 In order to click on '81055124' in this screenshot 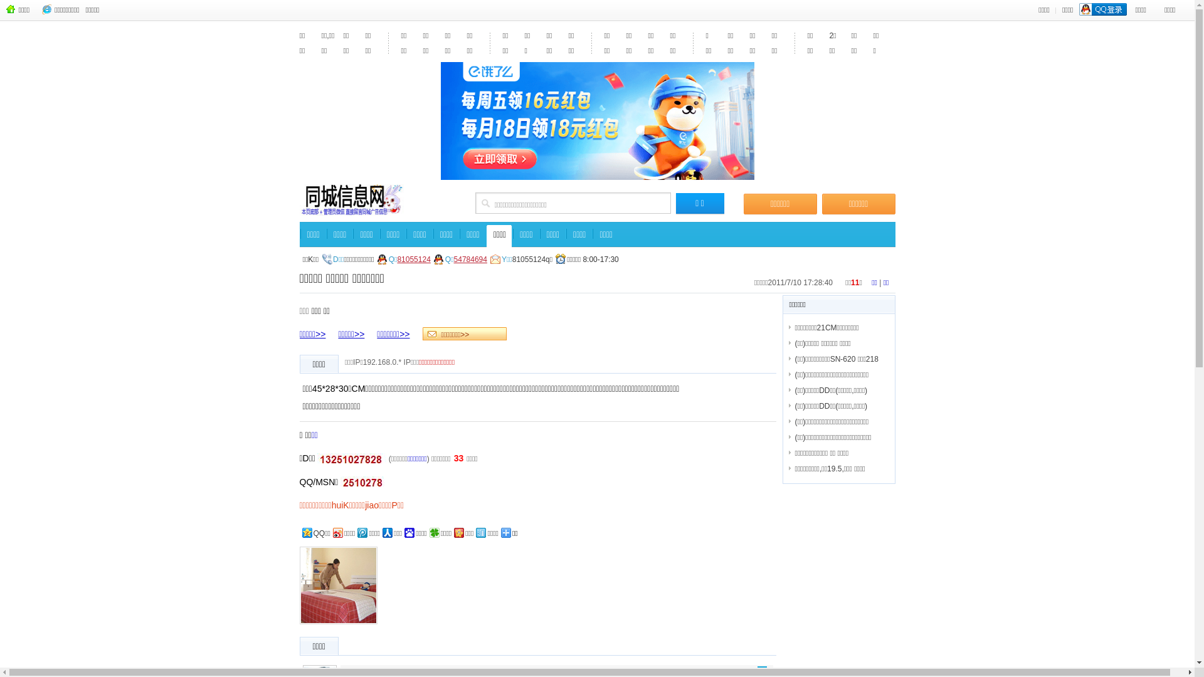, I will do `click(413, 258)`.